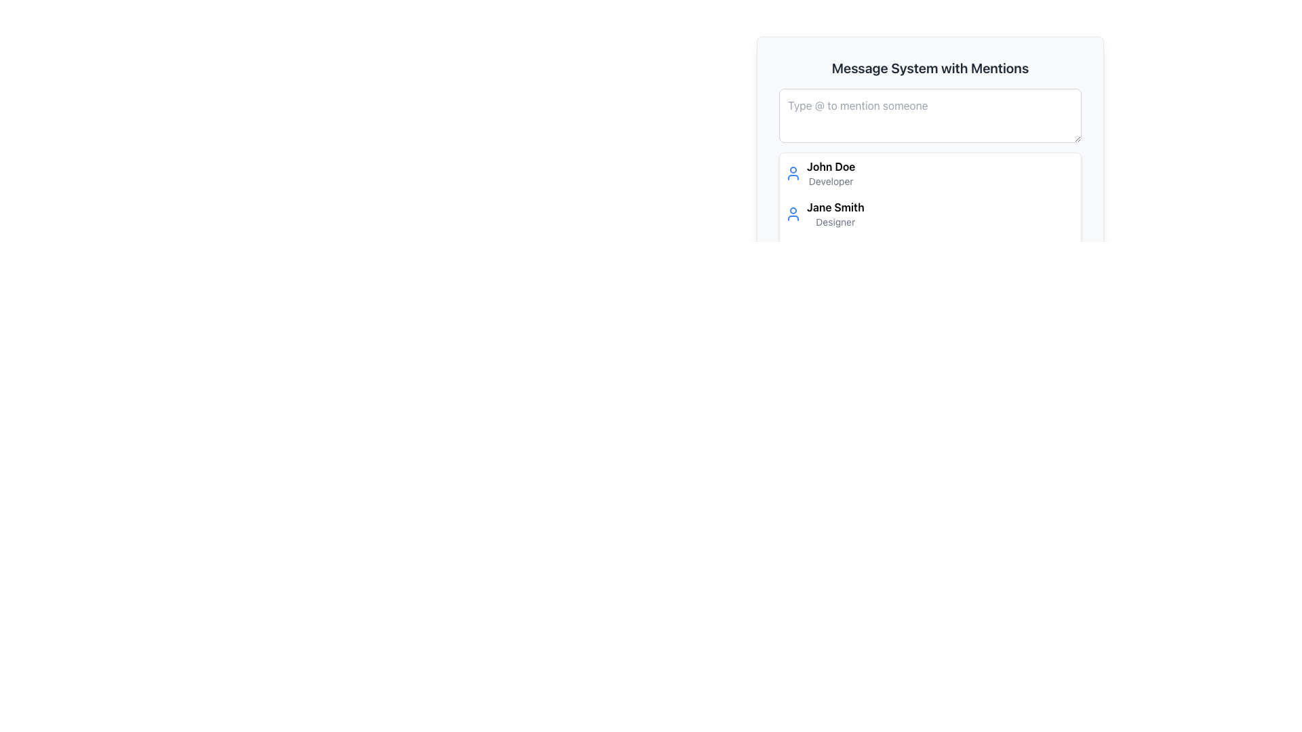 Image resolution: width=1302 pixels, height=732 pixels. I want to click on text displayed for the user information, which is aligned to the right of the user icon in the second entry of the 'Message System with Mentions' section, so click(835, 213).